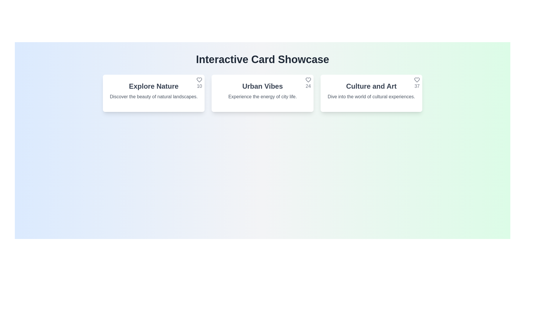  I want to click on the heart icon located in the top-right corner of the 'Culture and Art' card, so click(417, 80).